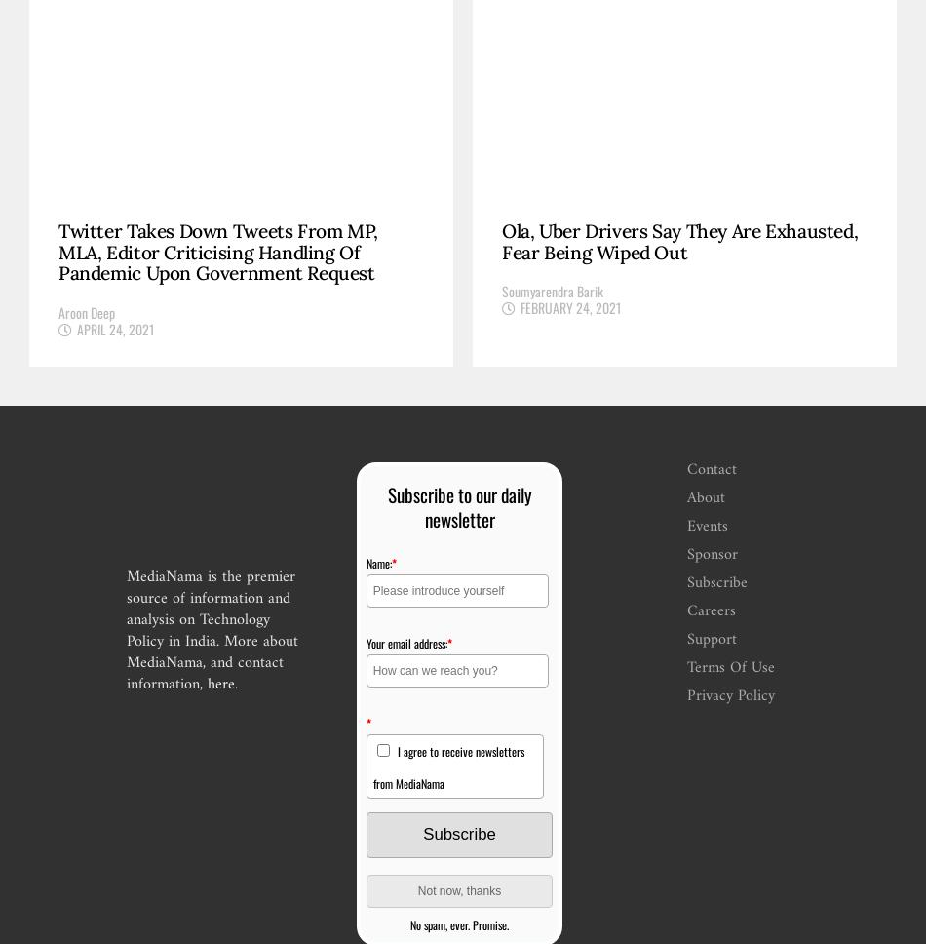  What do you see at coordinates (686, 554) in the screenshot?
I see `'Sponsor'` at bounding box center [686, 554].